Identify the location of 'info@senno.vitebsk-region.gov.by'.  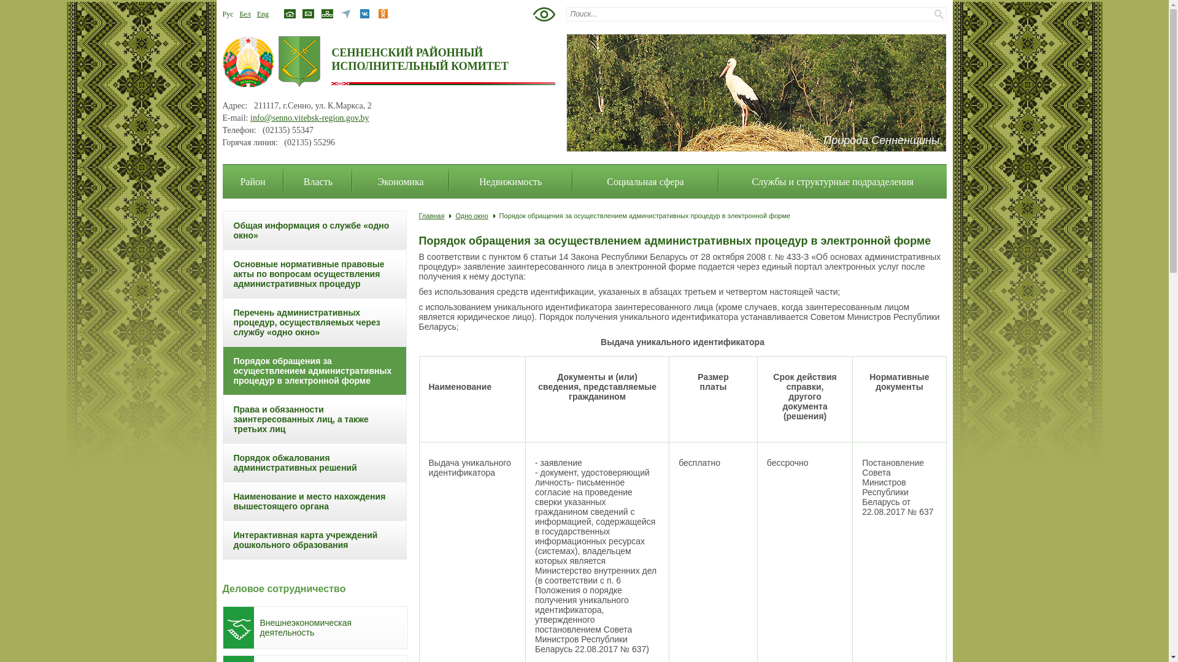
(309, 118).